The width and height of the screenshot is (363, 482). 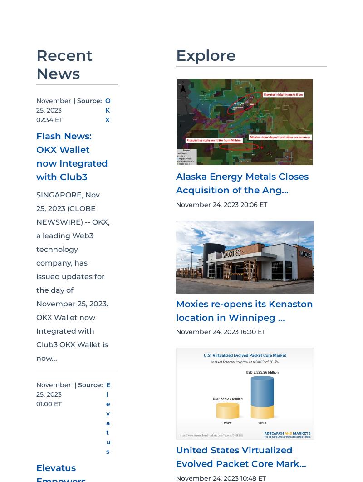 I want to click on 'November 25, 2023 02:34 ET', so click(x=36, y=110).